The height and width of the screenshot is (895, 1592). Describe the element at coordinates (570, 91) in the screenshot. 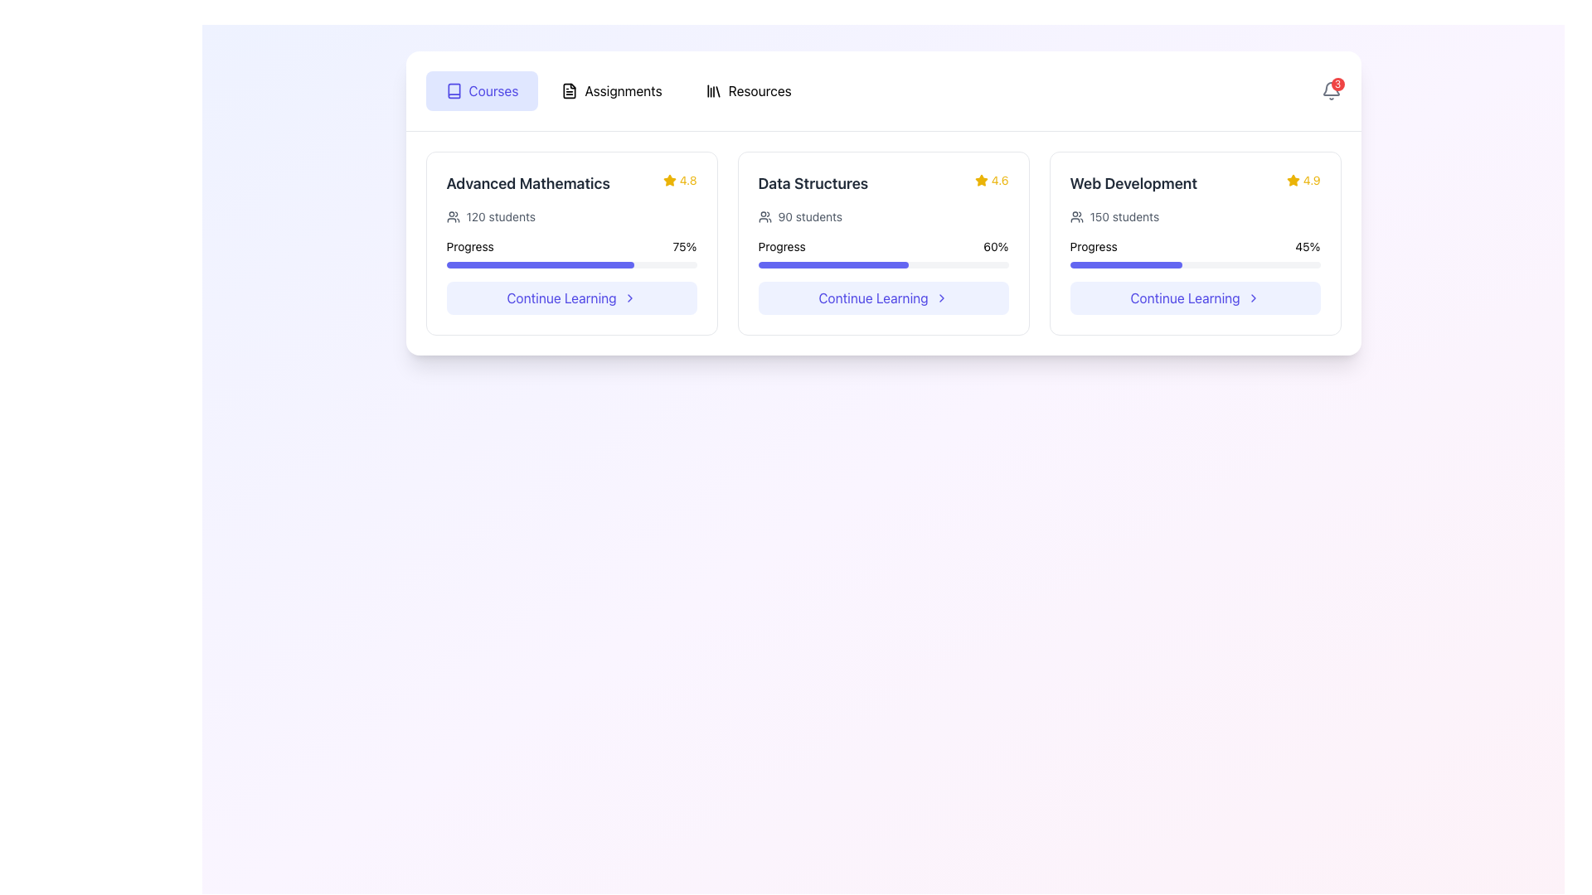

I see `the document icon located next to the 'Assignments' label in the top-left section of the navigation bar` at that location.